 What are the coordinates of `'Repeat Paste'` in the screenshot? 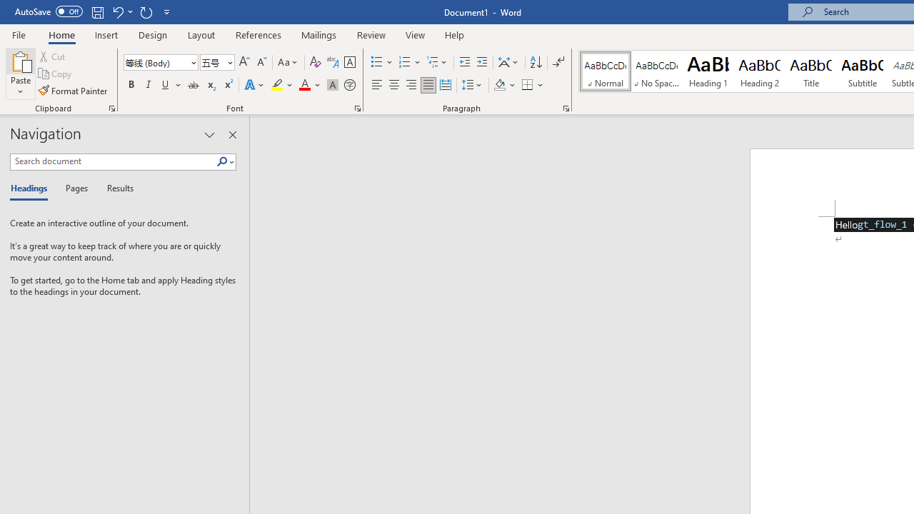 It's located at (146, 11).